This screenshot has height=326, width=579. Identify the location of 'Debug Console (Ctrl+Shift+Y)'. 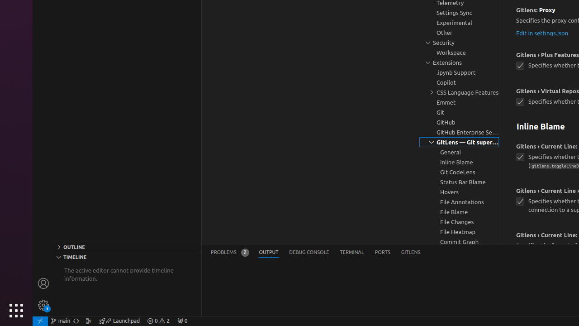
(309, 252).